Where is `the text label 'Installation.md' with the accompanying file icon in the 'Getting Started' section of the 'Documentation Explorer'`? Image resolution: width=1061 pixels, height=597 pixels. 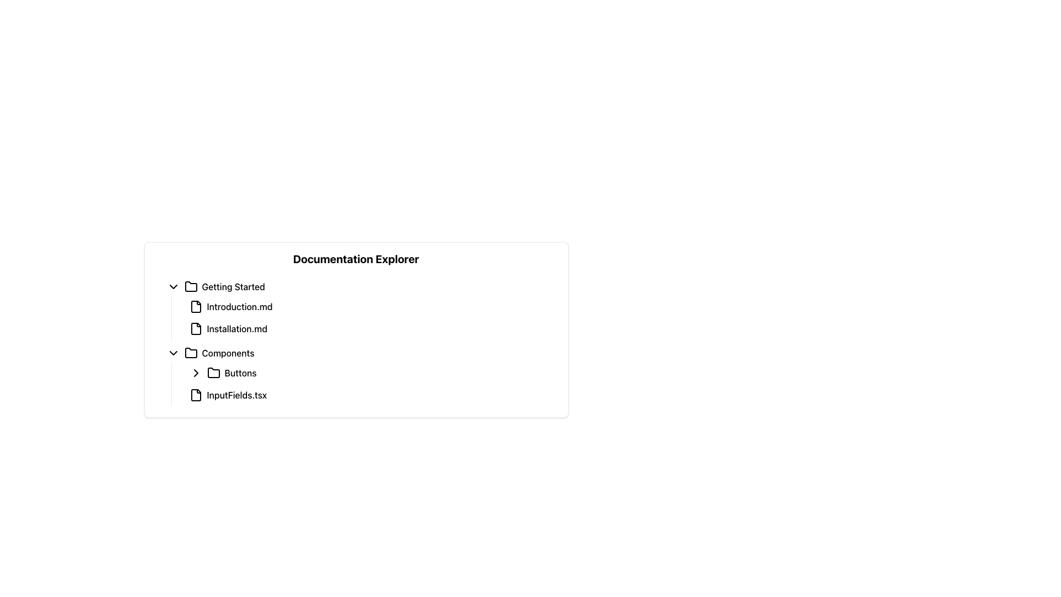
the text label 'Installation.md' with the accompanying file icon in the 'Getting Started' section of the 'Documentation Explorer' is located at coordinates (228, 328).